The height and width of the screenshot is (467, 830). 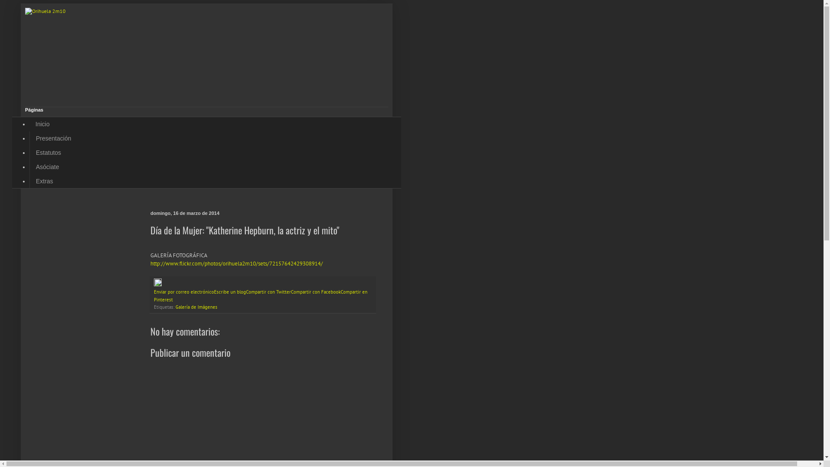 I want to click on 'Compartir con Facebook', so click(x=315, y=292).